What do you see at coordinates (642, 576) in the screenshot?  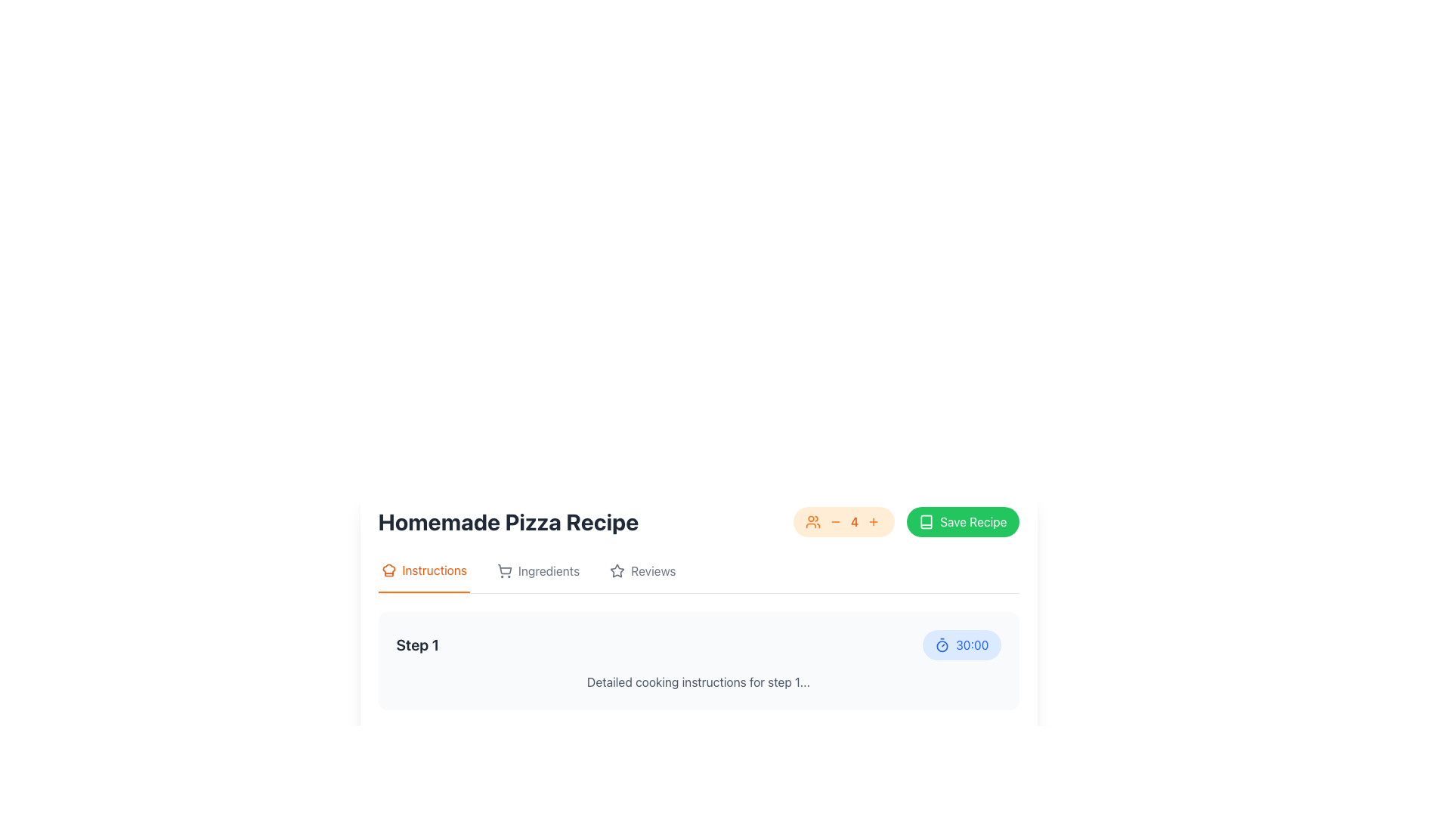 I see `the 'Reviews' tab in the navigation bar` at bounding box center [642, 576].